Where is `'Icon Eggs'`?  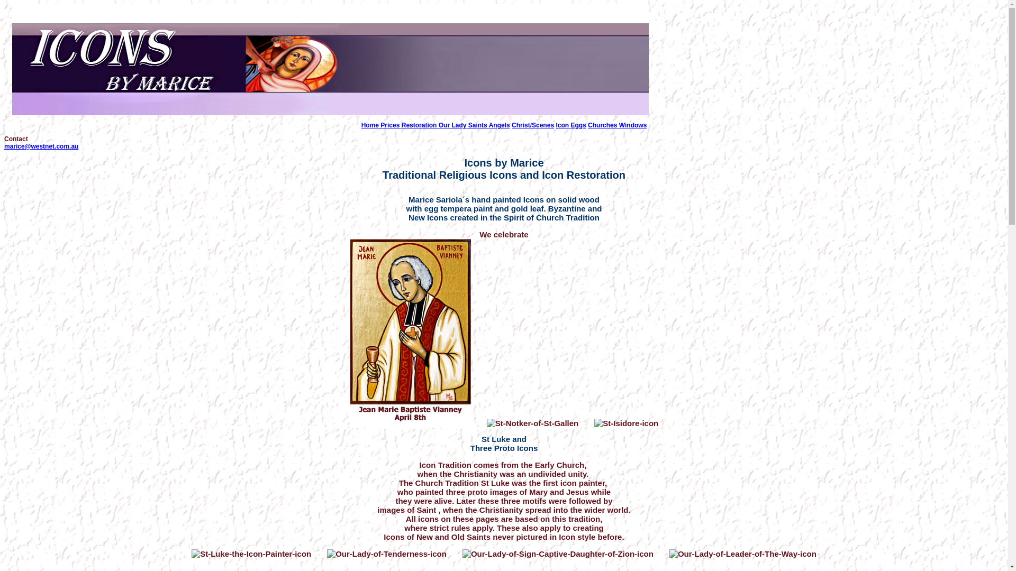
'Icon Eggs' is located at coordinates (555, 124).